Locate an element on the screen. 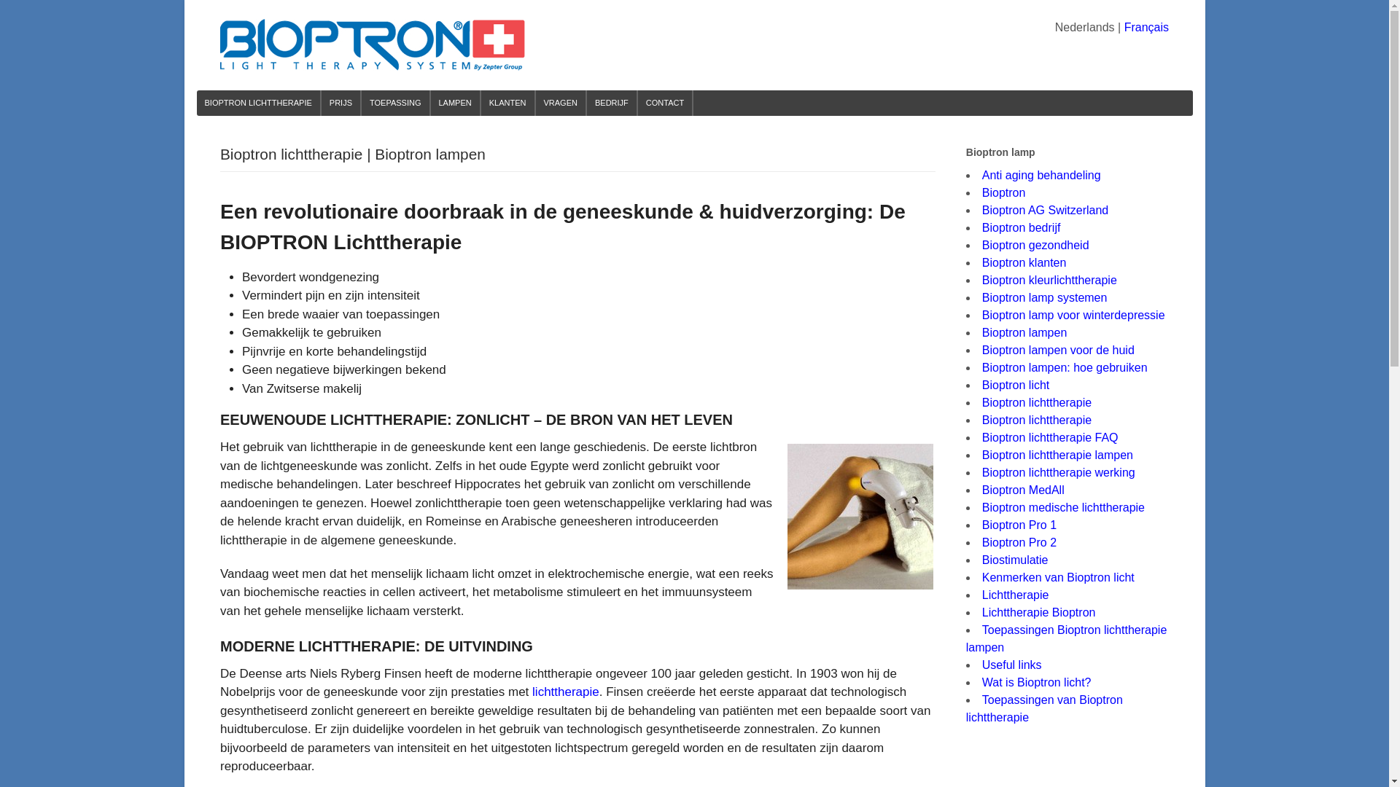  'Bioptron lichttherapie werking' is located at coordinates (982, 472).